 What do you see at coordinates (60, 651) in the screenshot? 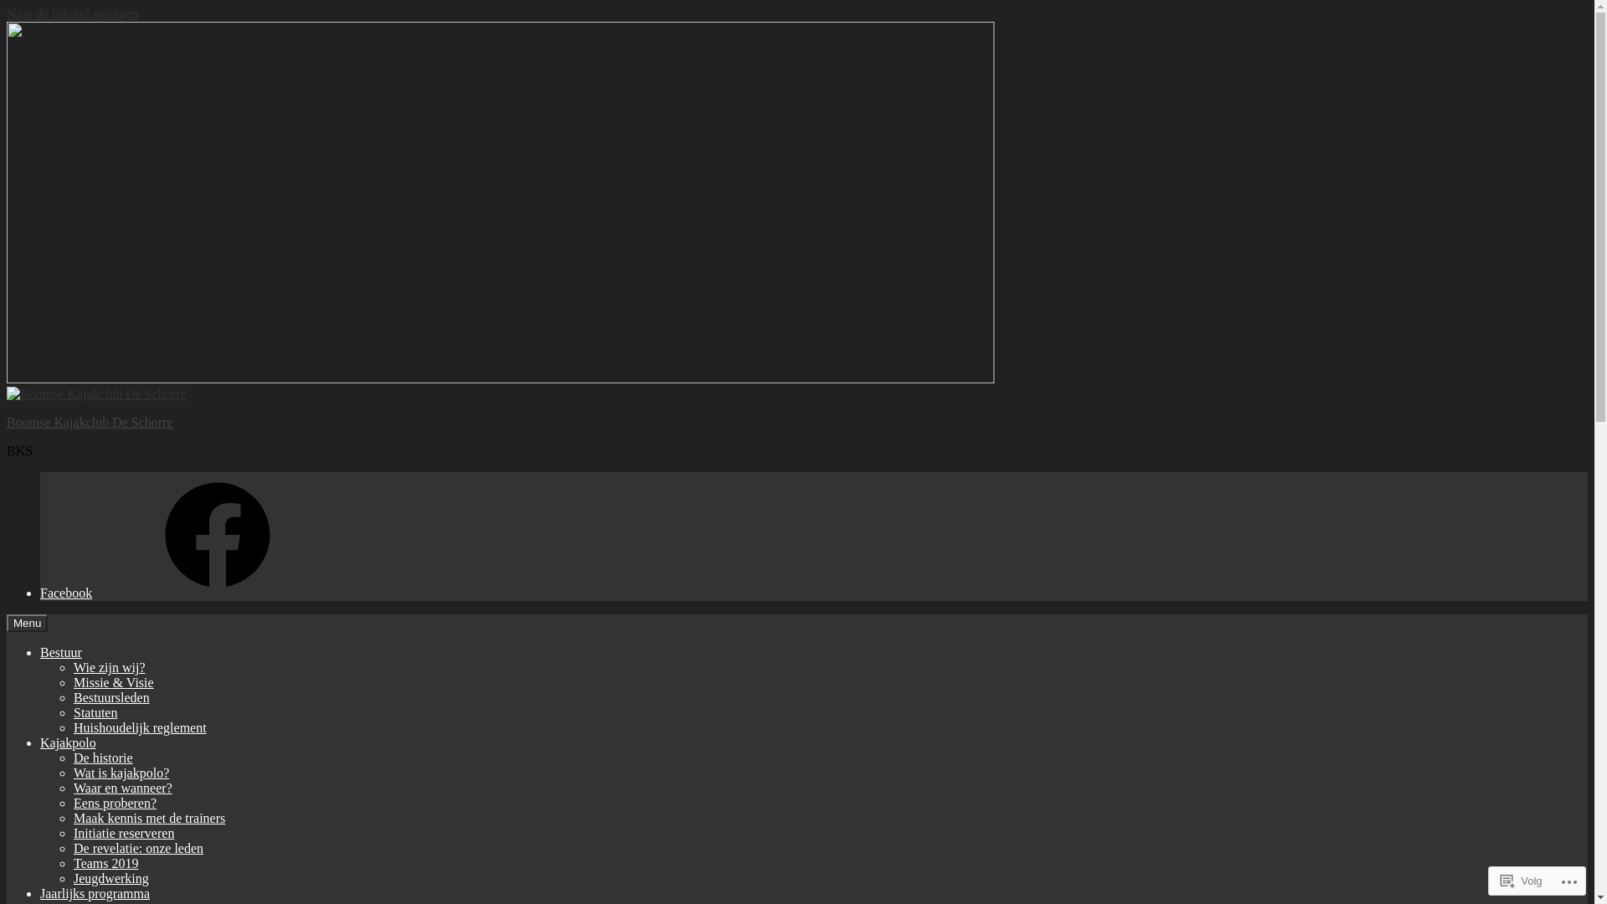
I see `'Bestuur'` at bounding box center [60, 651].